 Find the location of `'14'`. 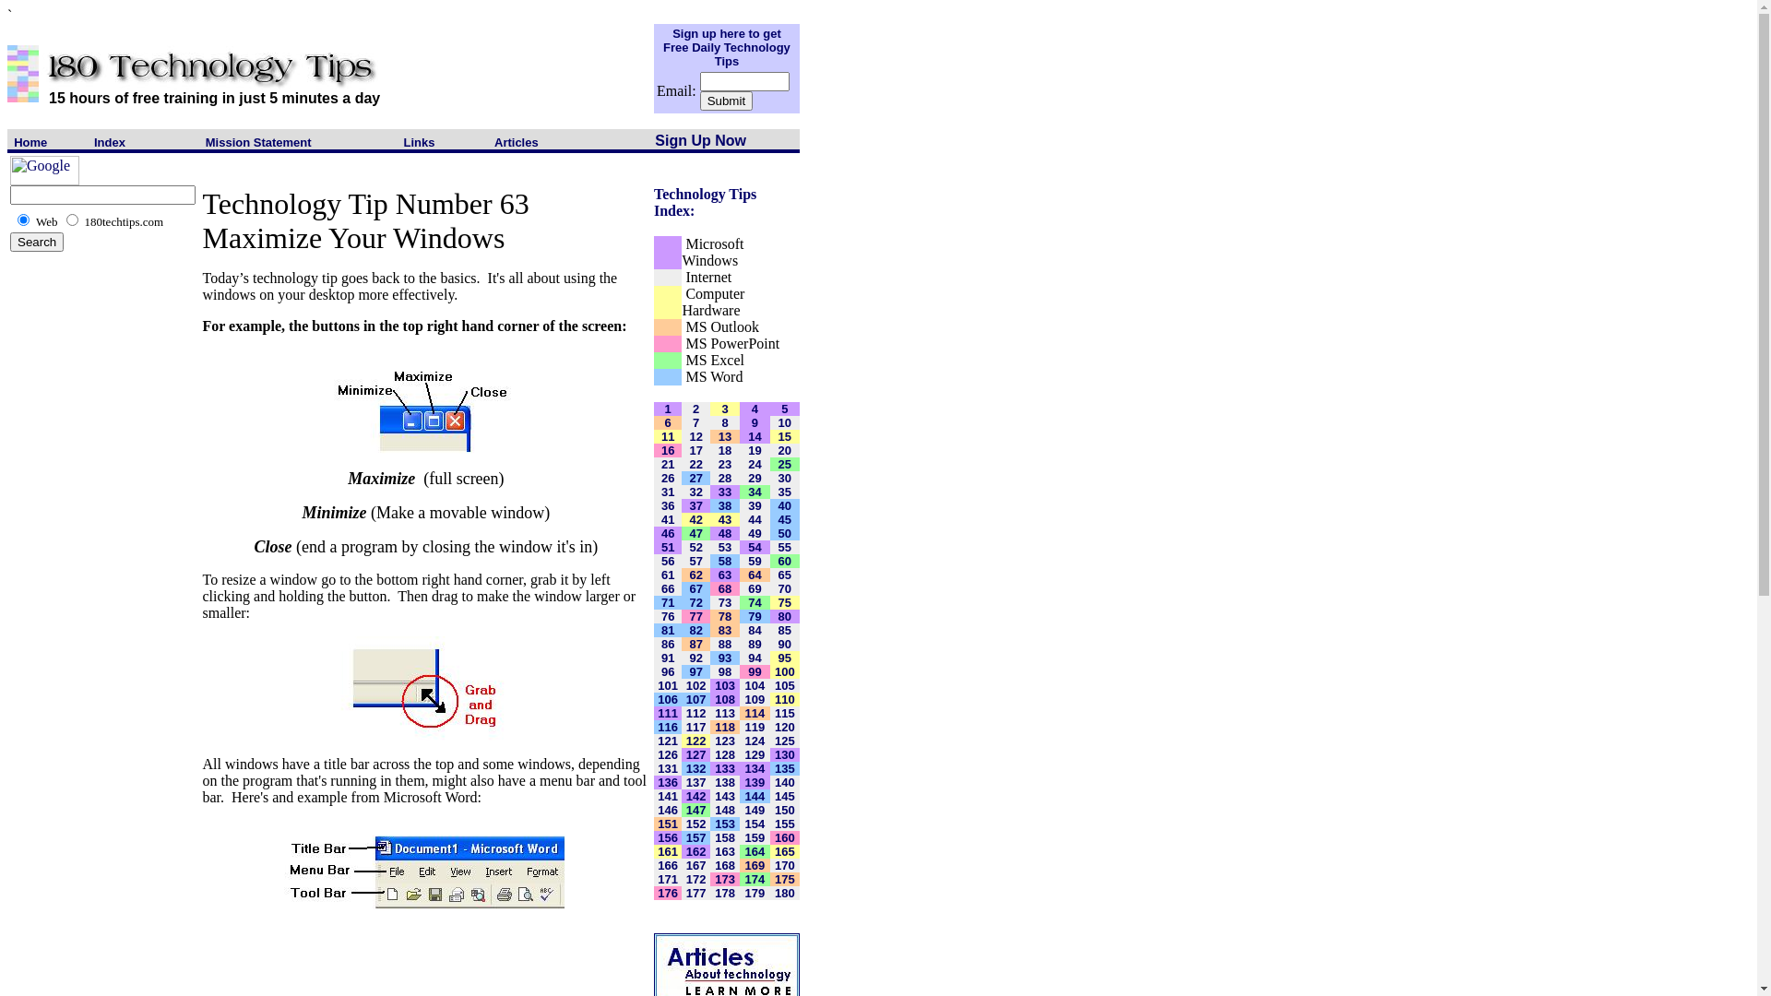

'14' is located at coordinates (754, 436).